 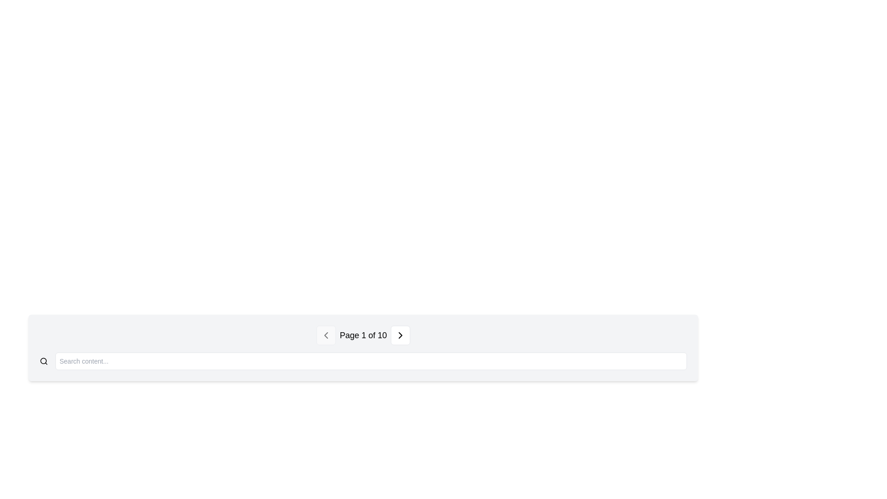 I want to click on the Navigation Button (Chevron Icon) positioned at the bottom center of the interface, so click(x=400, y=335).